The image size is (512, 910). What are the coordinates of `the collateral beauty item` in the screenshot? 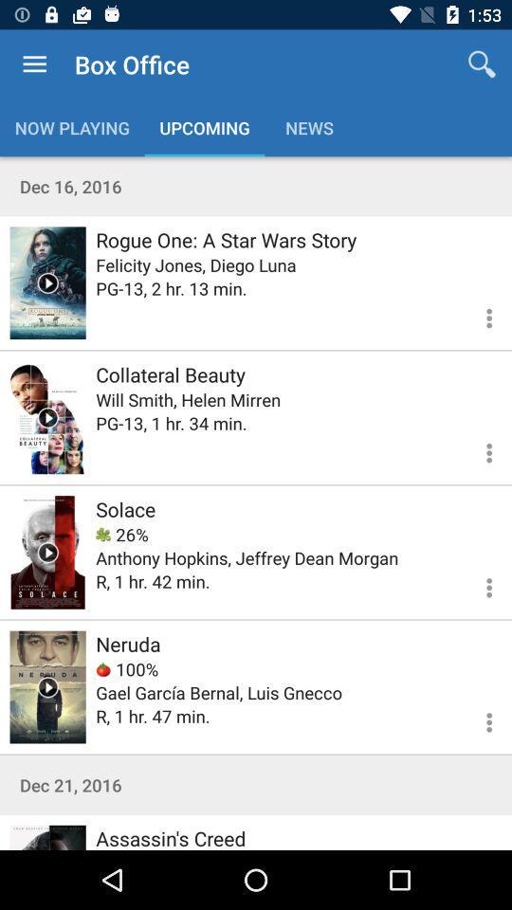 It's located at (171, 373).